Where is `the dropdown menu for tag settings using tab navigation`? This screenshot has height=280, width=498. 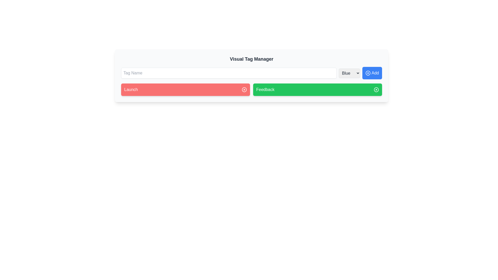 the dropdown menu for tag settings using tab navigation is located at coordinates (349, 73).